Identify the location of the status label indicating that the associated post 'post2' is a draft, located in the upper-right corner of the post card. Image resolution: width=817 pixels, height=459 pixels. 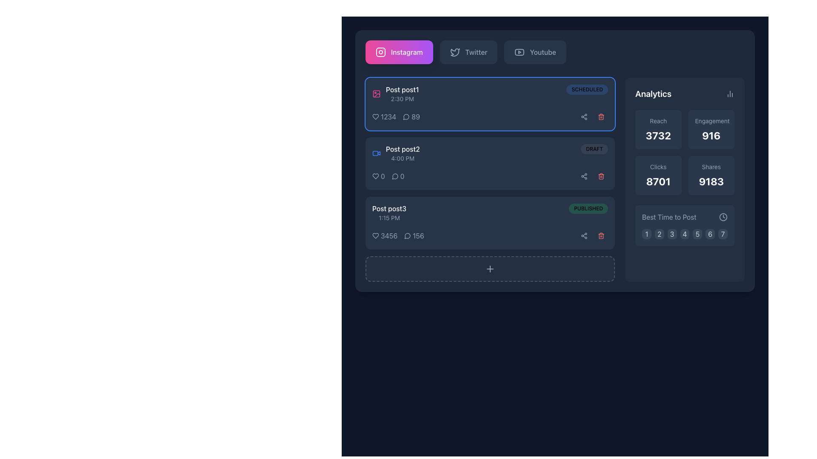
(594, 149).